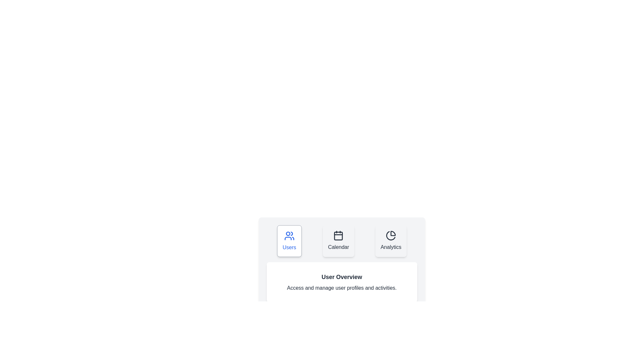 Image resolution: width=623 pixels, height=350 pixels. I want to click on the static graphical element that is part of the calendar icon, located inside the inner portion of the icon, so click(338, 236).